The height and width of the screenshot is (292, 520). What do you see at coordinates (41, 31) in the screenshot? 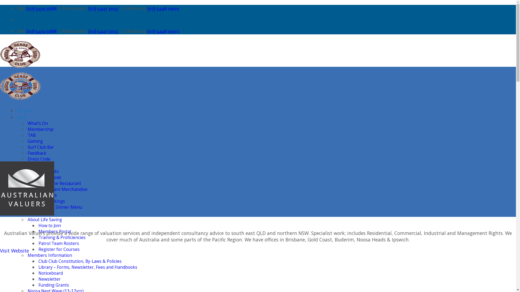
I see `'(07) 5474 5688'` at bounding box center [41, 31].